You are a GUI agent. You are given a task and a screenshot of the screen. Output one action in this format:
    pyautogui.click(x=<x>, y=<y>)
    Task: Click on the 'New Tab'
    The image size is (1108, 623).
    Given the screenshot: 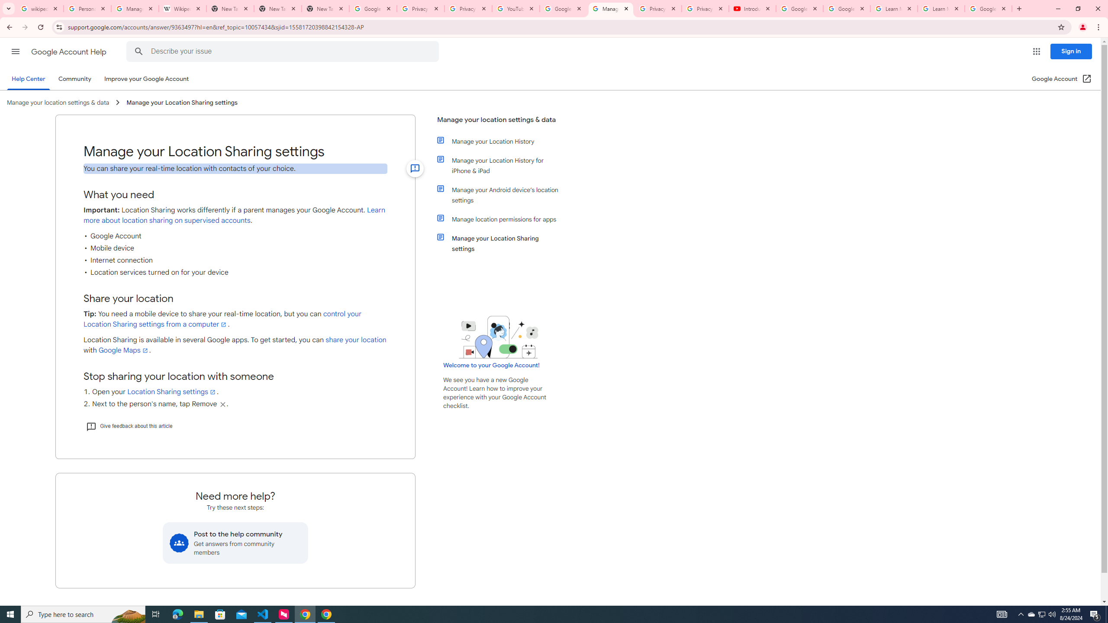 What is the action you would take?
    pyautogui.click(x=277, y=8)
    